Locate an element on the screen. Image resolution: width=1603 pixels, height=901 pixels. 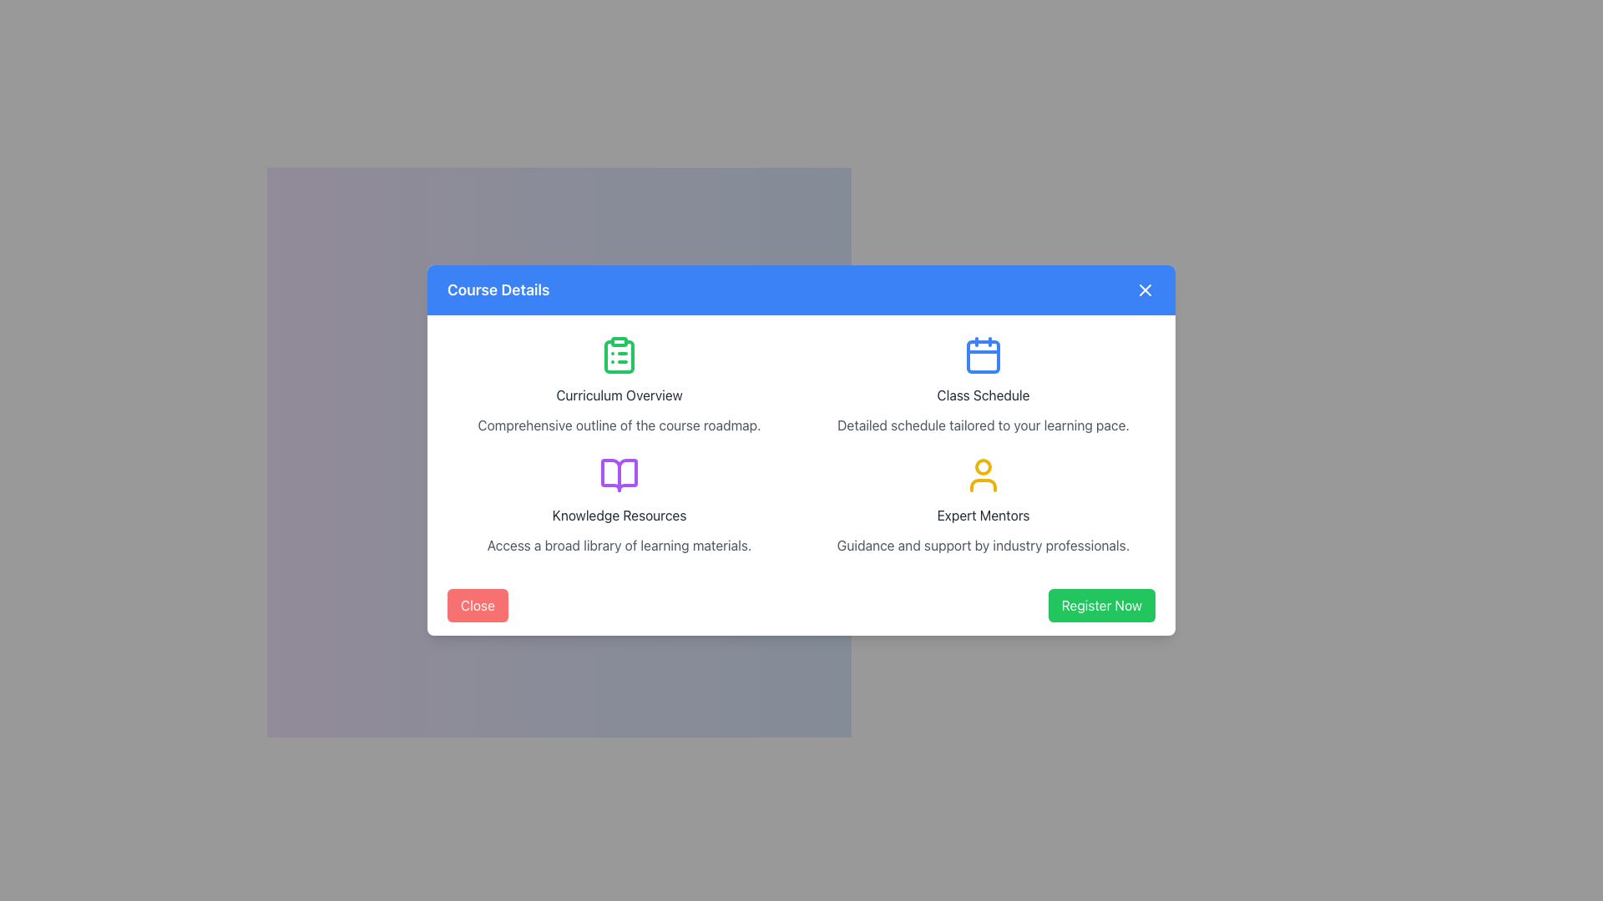
the 'Class Schedule' icon located in the upper-right section of the 'Course Details' modal, which is the first item in the second column of a 2x2 grid is located at coordinates (983, 354).